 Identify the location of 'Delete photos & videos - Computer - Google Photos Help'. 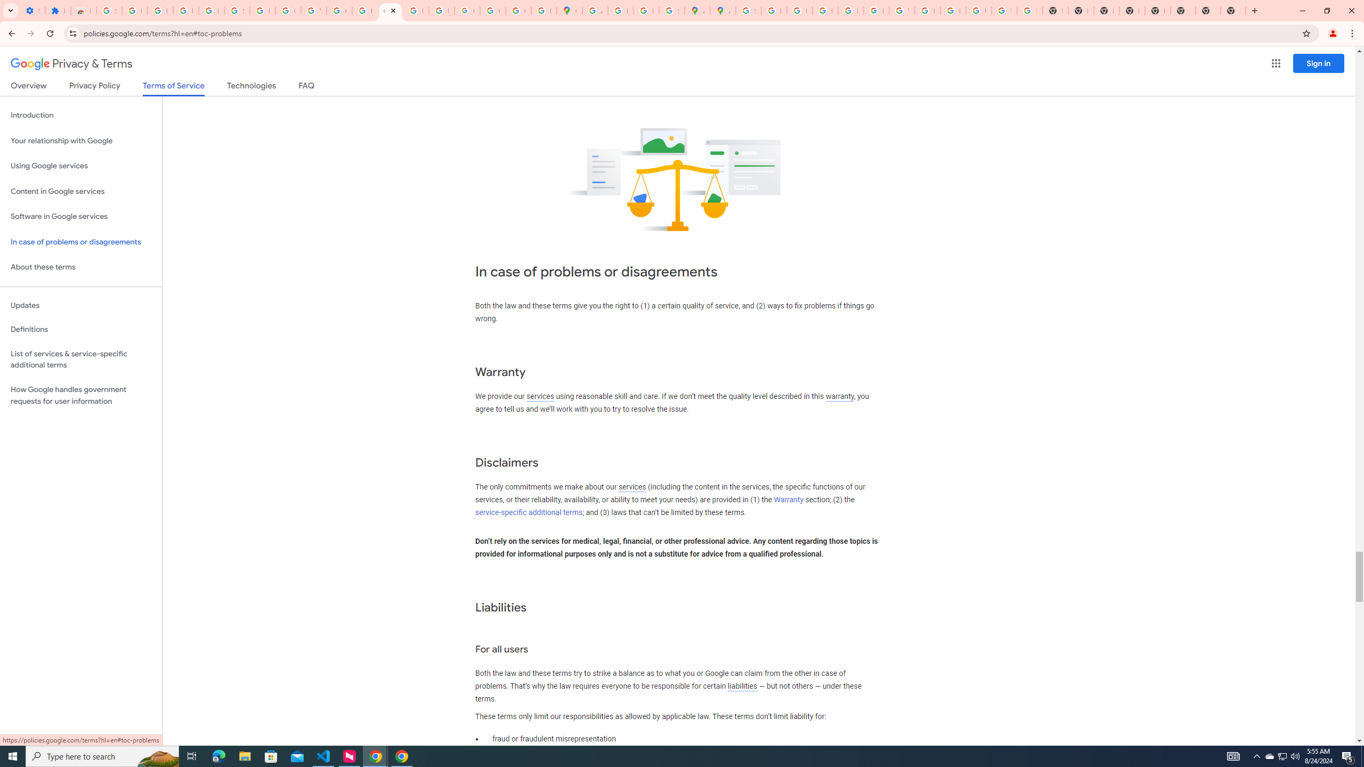
(159, 10).